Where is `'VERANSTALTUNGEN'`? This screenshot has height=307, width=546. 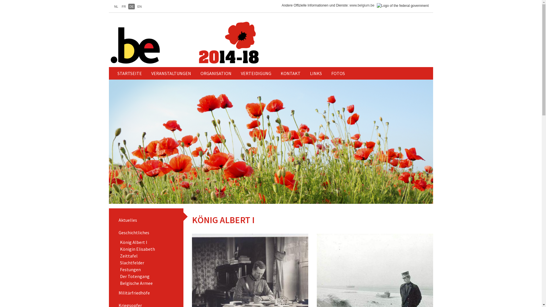
'VERANSTALTUNGEN' is located at coordinates (170, 73).